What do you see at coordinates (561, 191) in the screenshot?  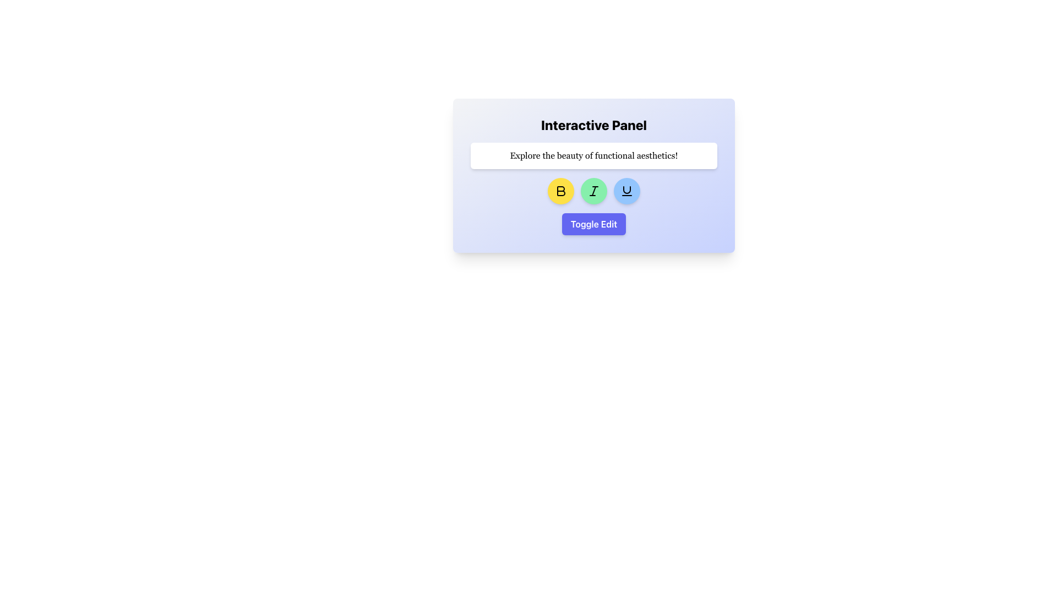 I see `the bold formatting button, represented by a stylized 'B' within a circular yellow button, to apply bold formatting` at bounding box center [561, 191].